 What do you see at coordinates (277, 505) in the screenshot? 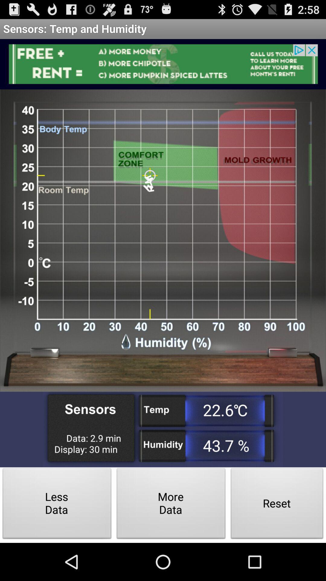
I see `button at the bottom right corner` at bounding box center [277, 505].